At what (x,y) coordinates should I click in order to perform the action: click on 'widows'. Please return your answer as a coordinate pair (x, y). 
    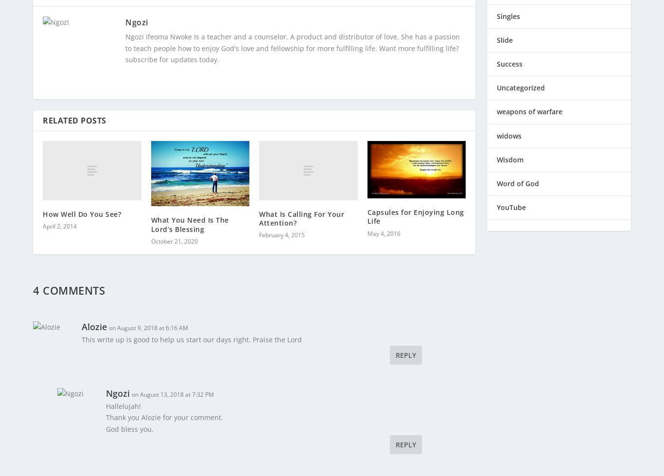
    Looking at the image, I should click on (497, 129).